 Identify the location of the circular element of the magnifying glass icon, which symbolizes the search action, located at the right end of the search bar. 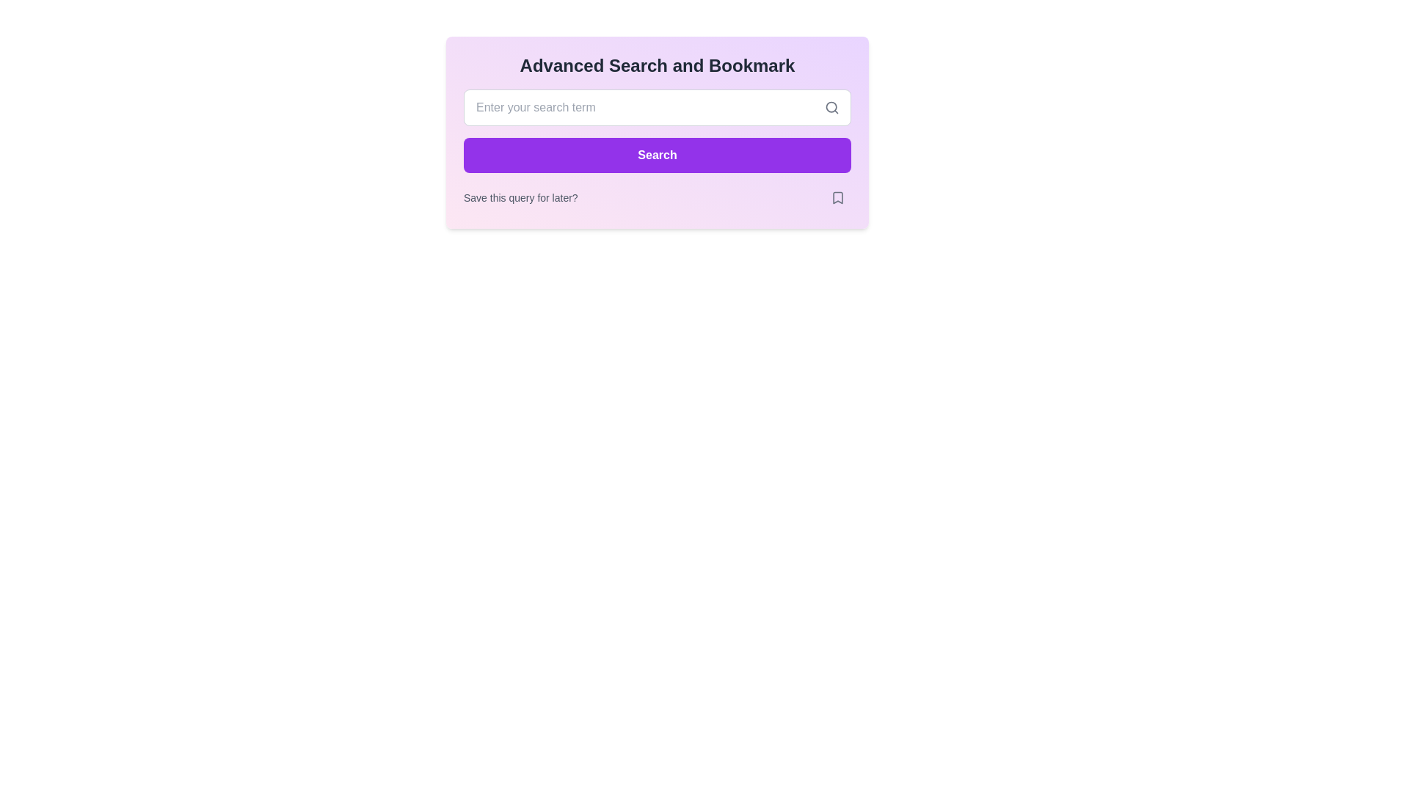
(831, 106).